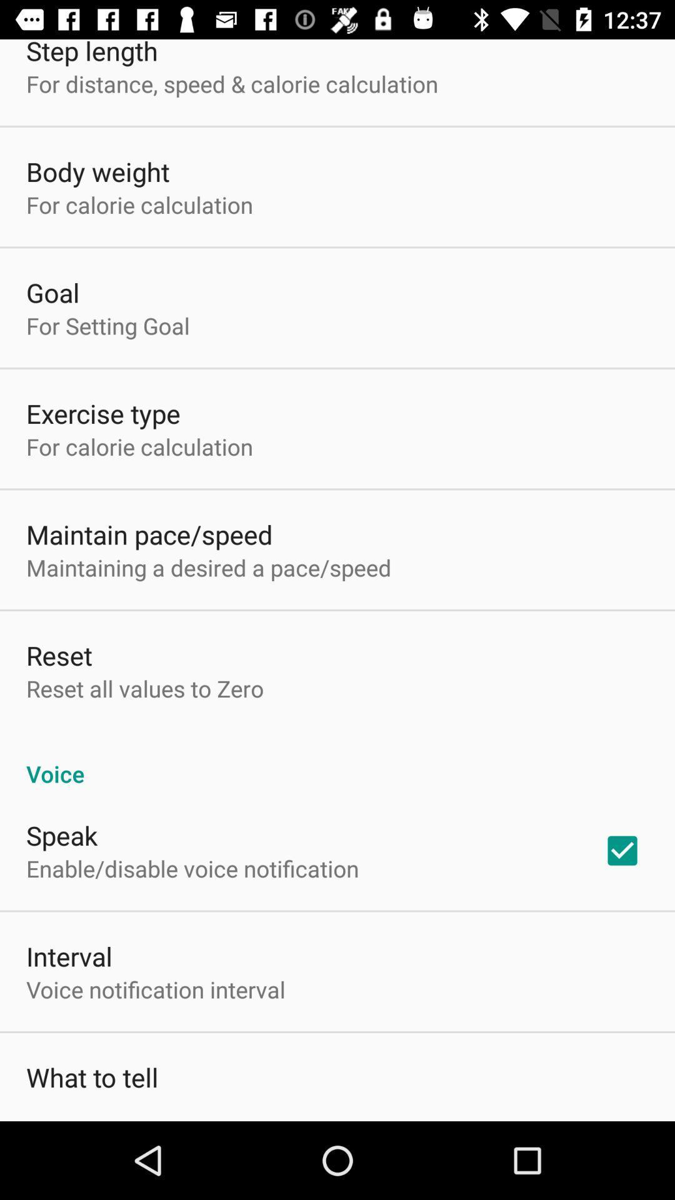  Describe the element at coordinates (102, 413) in the screenshot. I see `exercise type` at that location.